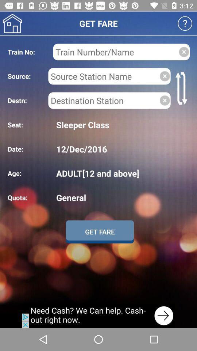 Image resolution: width=197 pixels, height=351 pixels. What do you see at coordinates (98, 316) in the screenshot?
I see `advertisement` at bounding box center [98, 316].